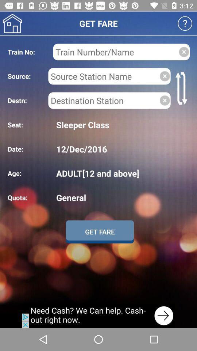 Image resolution: width=197 pixels, height=351 pixels. What do you see at coordinates (98, 316) in the screenshot?
I see `advertisement` at bounding box center [98, 316].